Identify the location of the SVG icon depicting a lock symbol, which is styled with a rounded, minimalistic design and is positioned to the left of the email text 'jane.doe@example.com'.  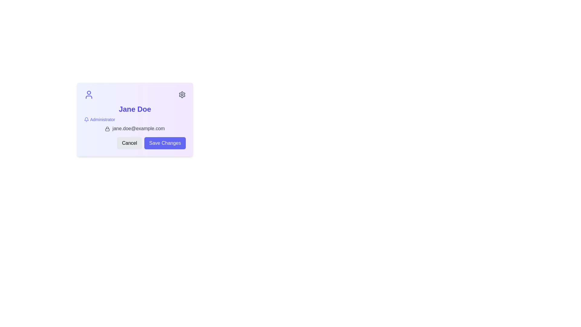
(107, 128).